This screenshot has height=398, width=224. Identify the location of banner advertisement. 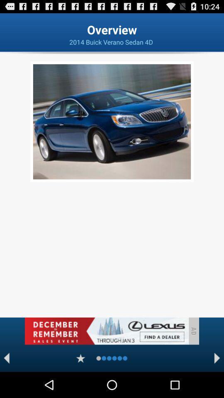
(106, 331).